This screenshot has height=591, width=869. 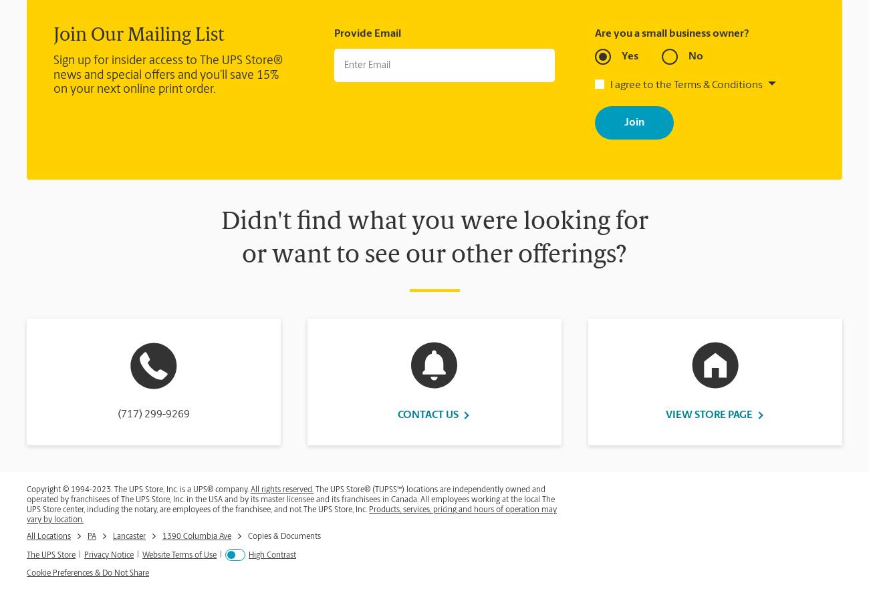 I want to click on 'I agree to the Terms & Conditions', so click(x=686, y=84).